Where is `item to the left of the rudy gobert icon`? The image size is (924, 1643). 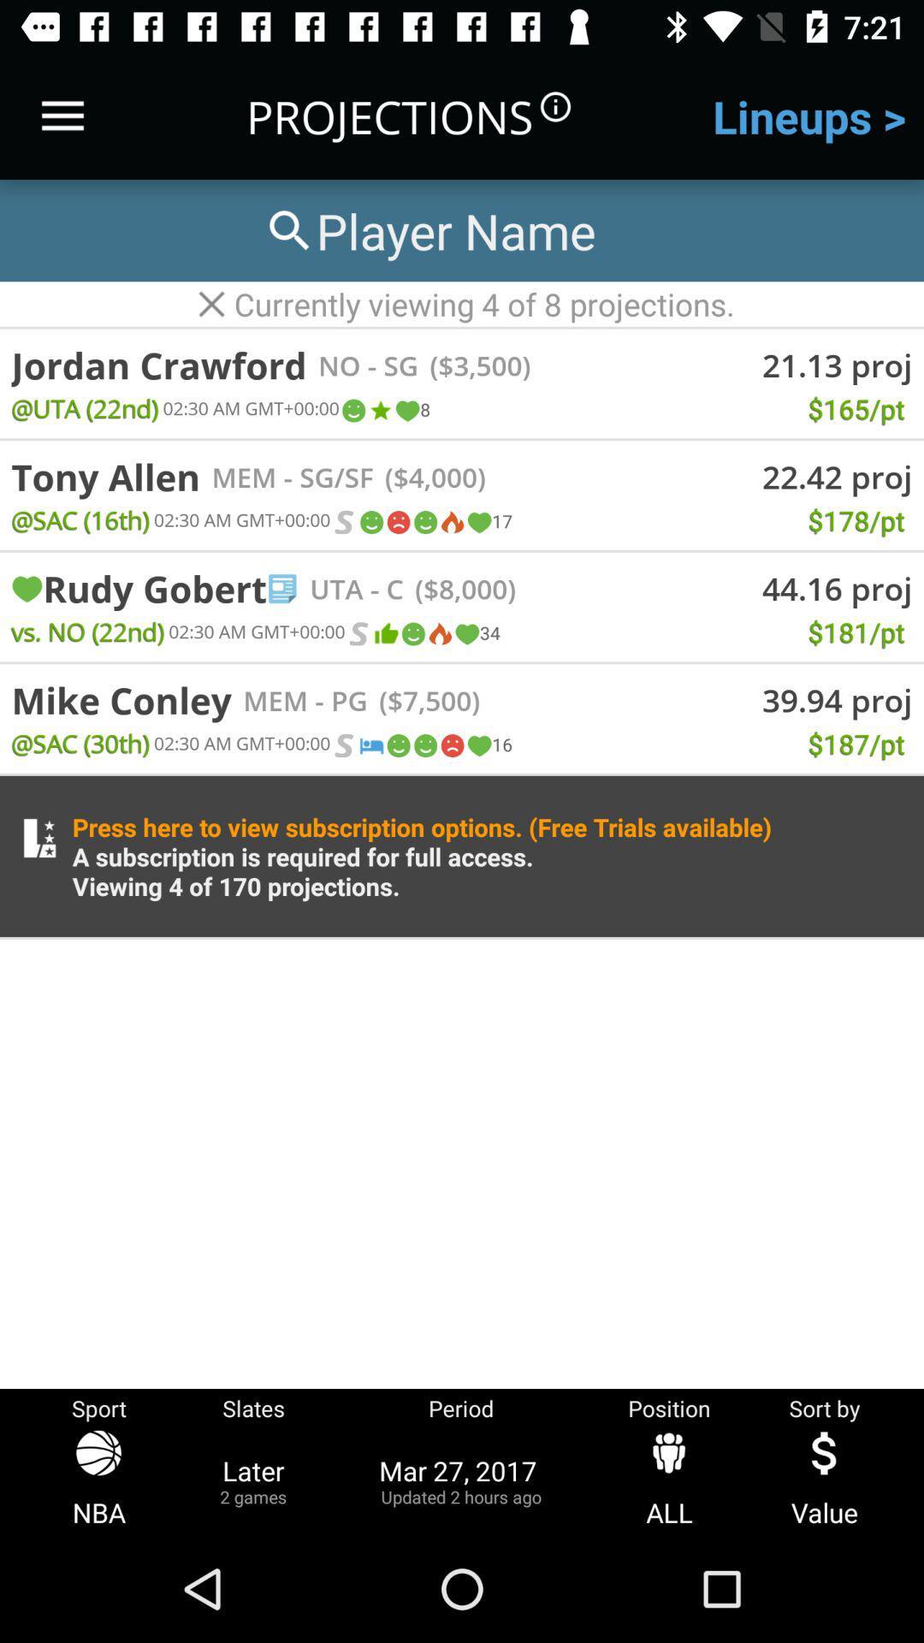 item to the left of the rudy gobert icon is located at coordinates (27, 589).